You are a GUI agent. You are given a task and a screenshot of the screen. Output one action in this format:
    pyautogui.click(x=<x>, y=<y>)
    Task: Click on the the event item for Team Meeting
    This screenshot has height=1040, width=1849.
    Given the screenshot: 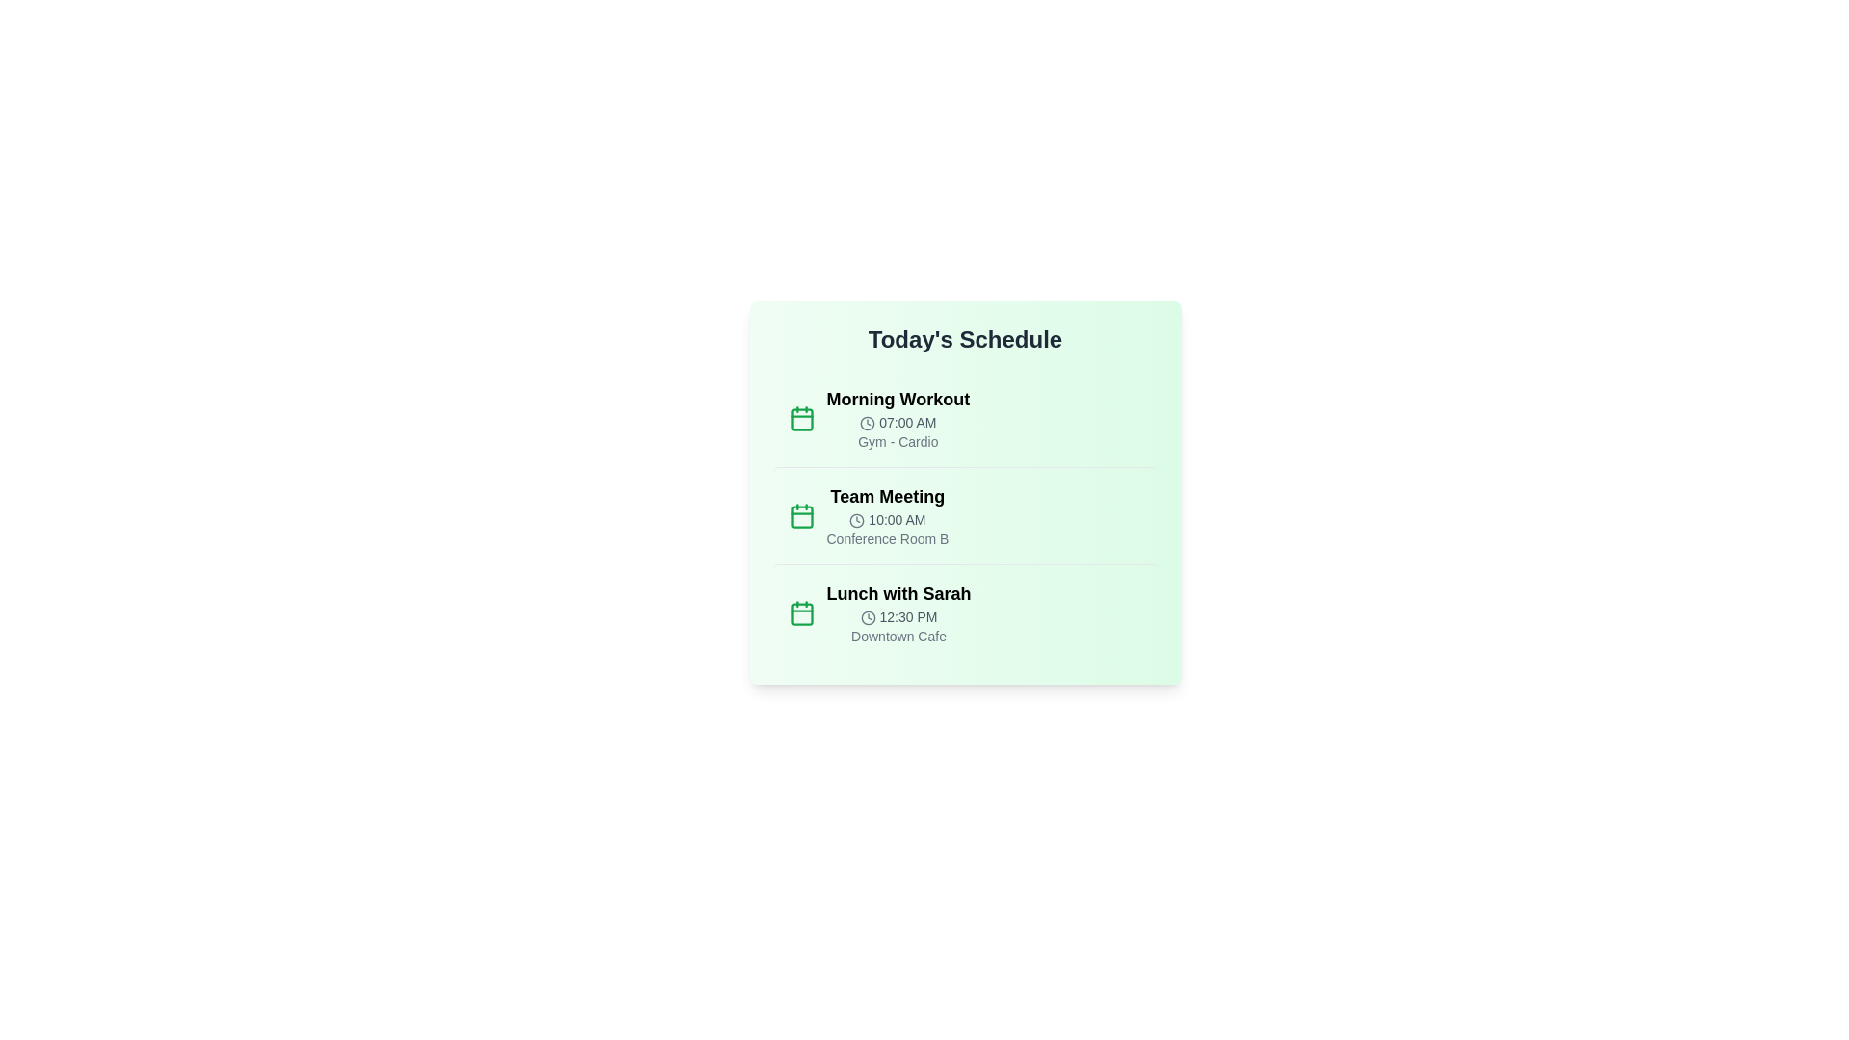 What is the action you would take?
    pyautogui.click(x=965, y=514)
    